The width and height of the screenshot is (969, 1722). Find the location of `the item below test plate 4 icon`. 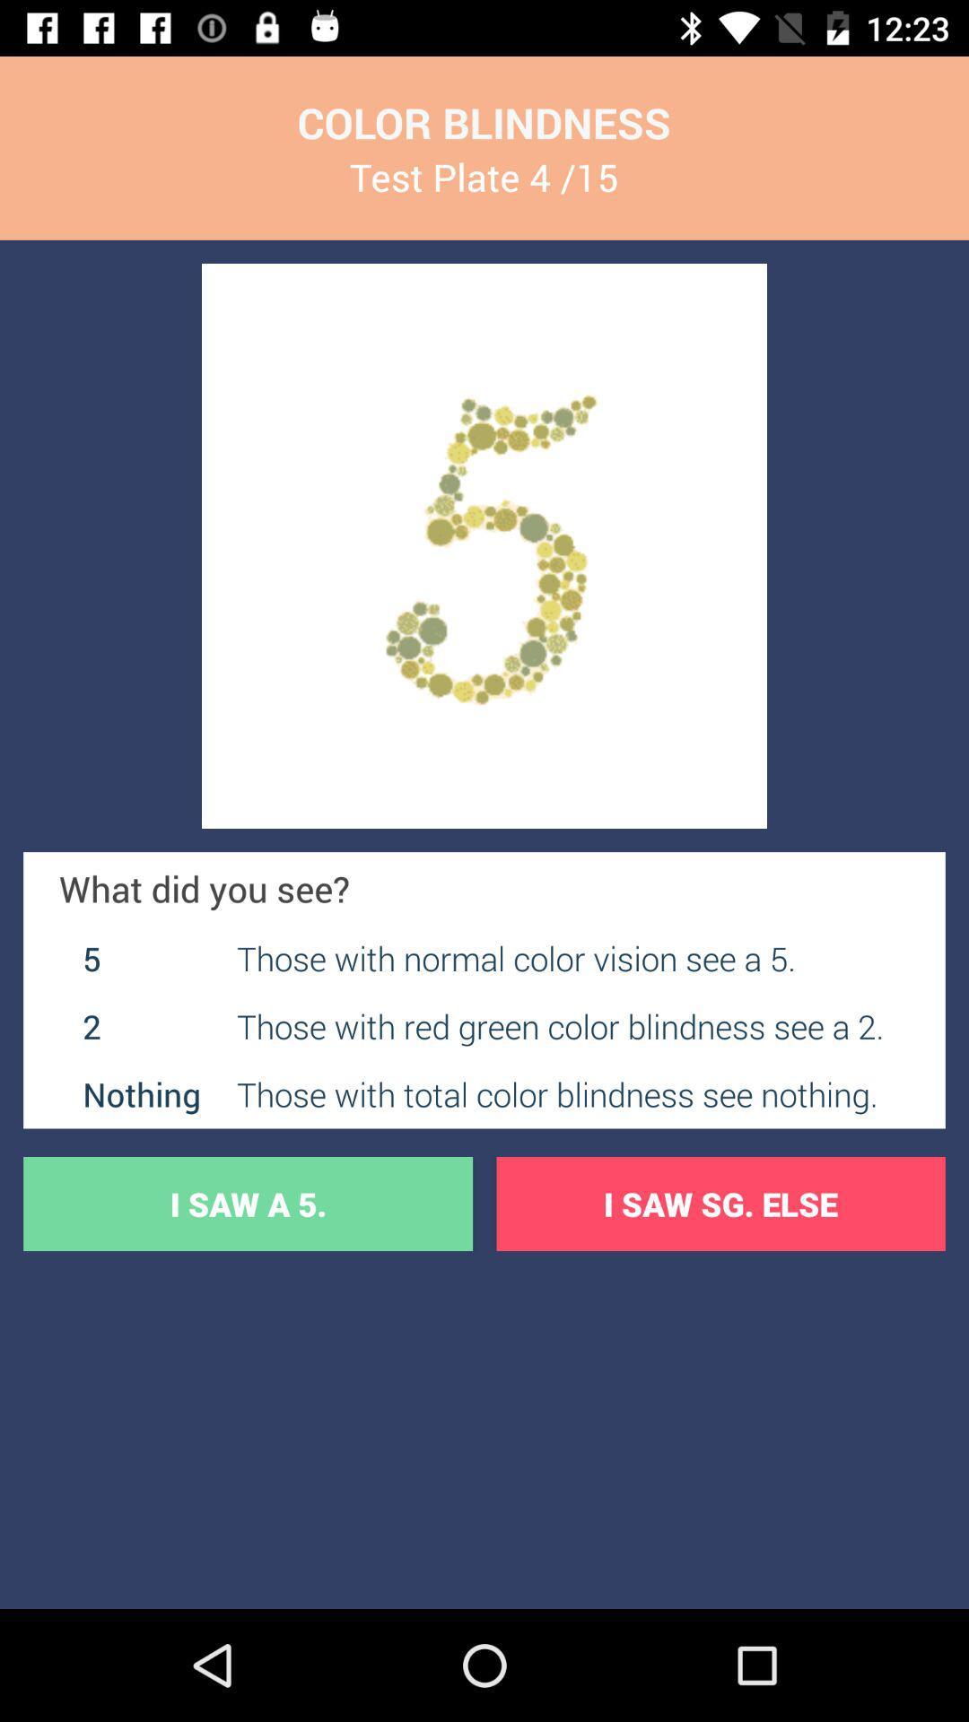

the item below test plate 4 icon is located at coordinates (484, 545).